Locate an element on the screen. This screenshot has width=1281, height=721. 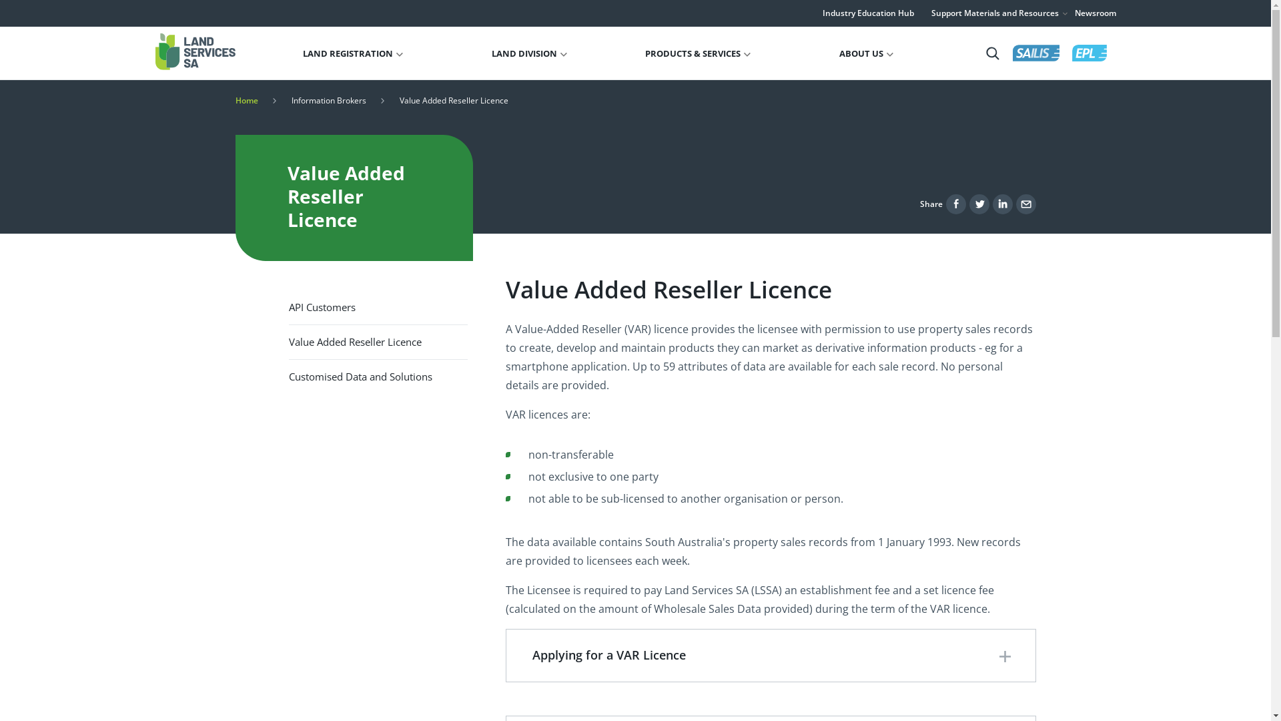
'EPL' is located at coordinates (1089, 52).